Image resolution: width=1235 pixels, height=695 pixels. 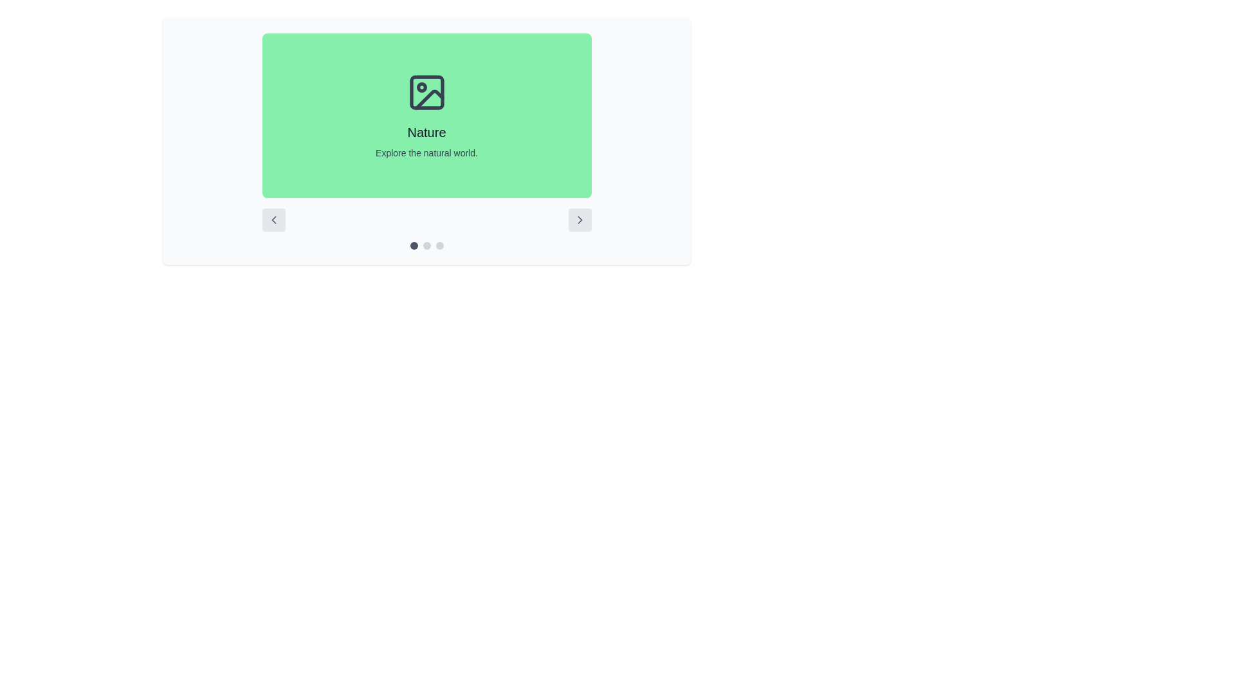 What do you see at coordinates (414, 245) in the screenshot?
I see `the first circular navigation indicator located at the bottom center of the interface` at bounding box center [414, 245].